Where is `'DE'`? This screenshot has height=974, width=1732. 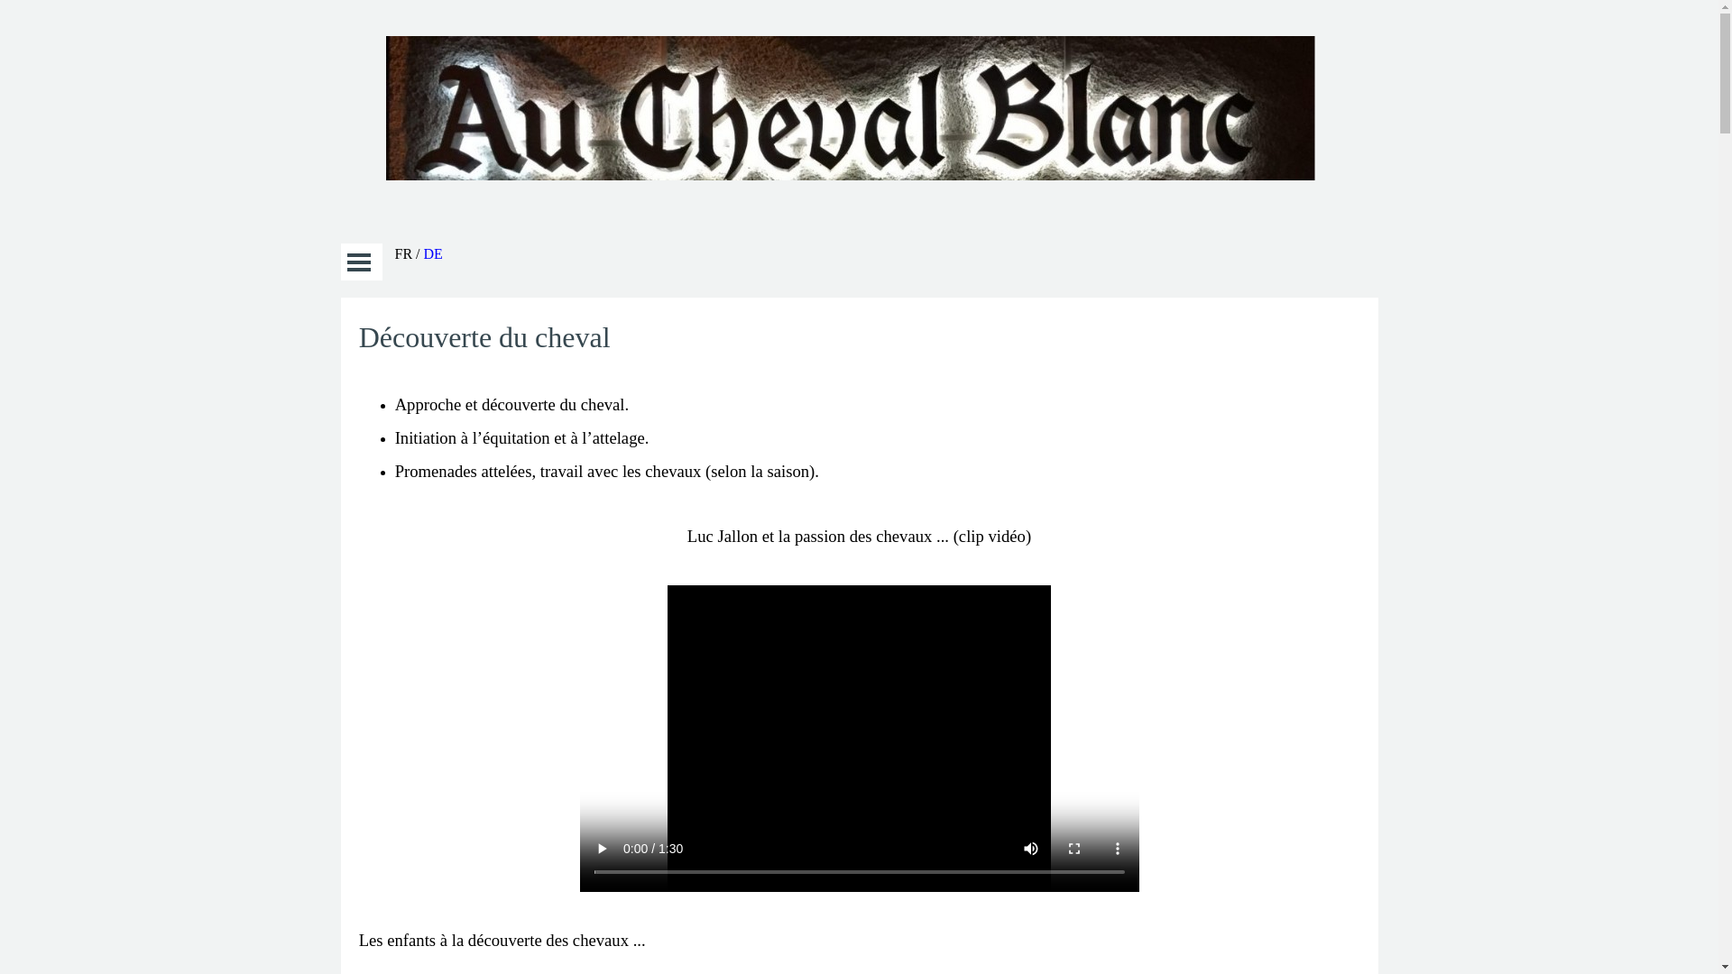
'DE' is located at coordinates (433, 253).